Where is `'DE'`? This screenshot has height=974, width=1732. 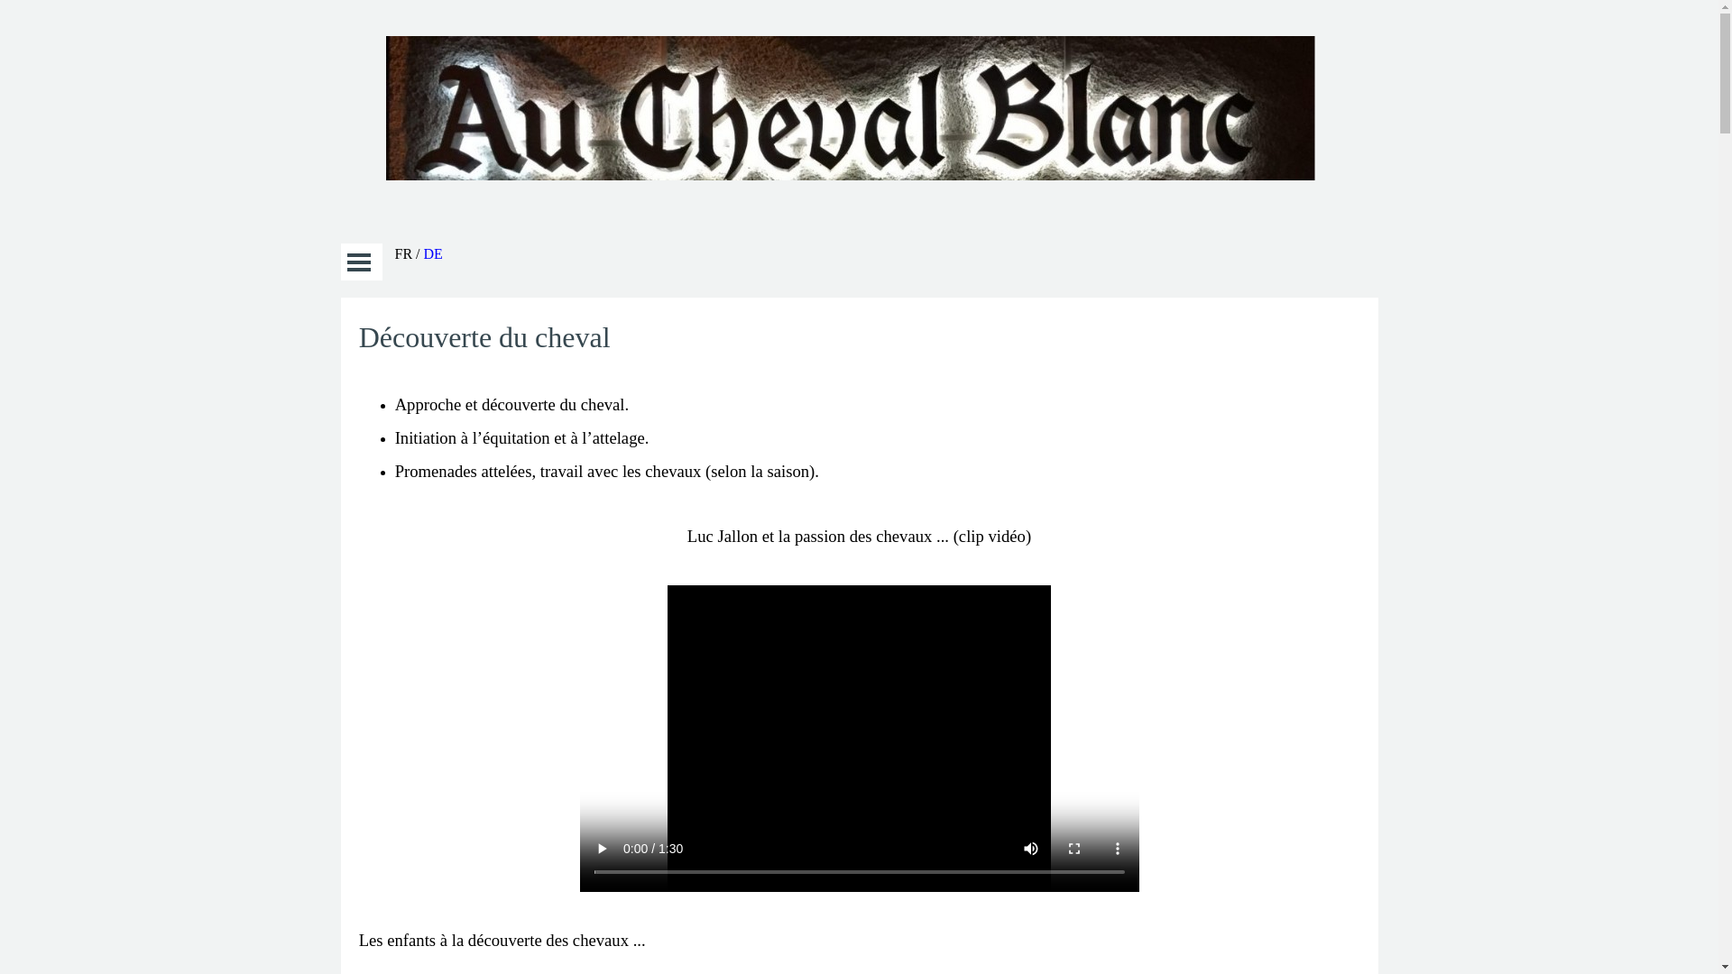
'DE' is located at coordinates (433, 253).